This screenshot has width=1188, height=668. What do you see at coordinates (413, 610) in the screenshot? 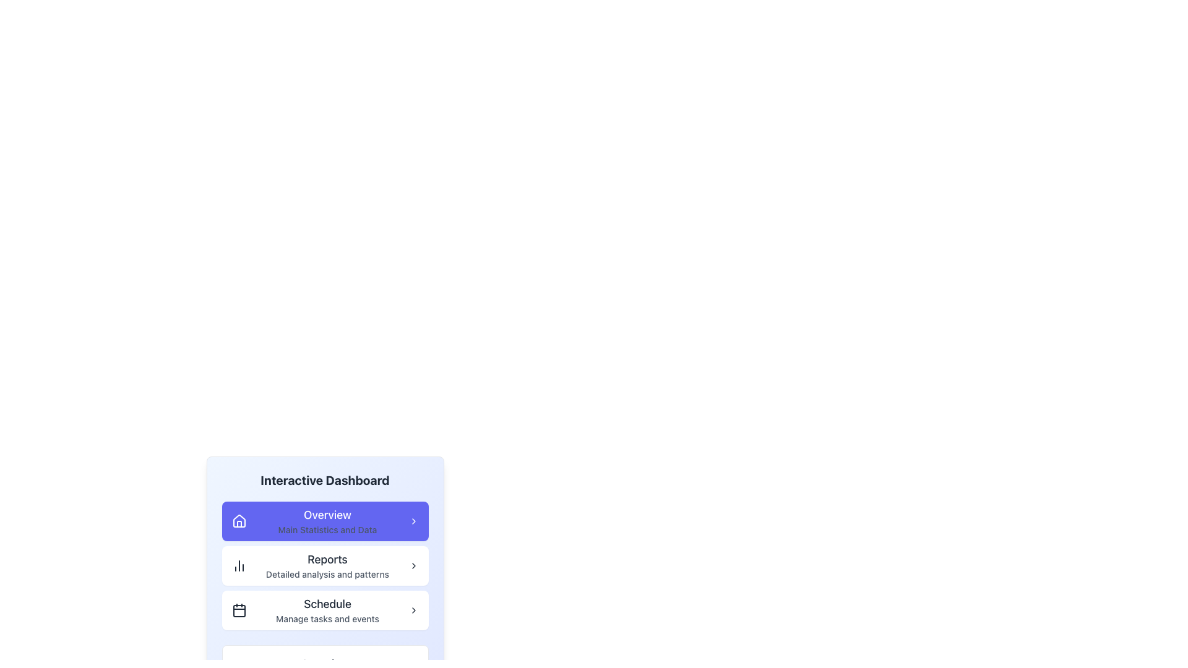
I see `the arrow icon pointing to the right within the 'Schedule Manage tasks and events' UI card` at bounding box center [413, 610].